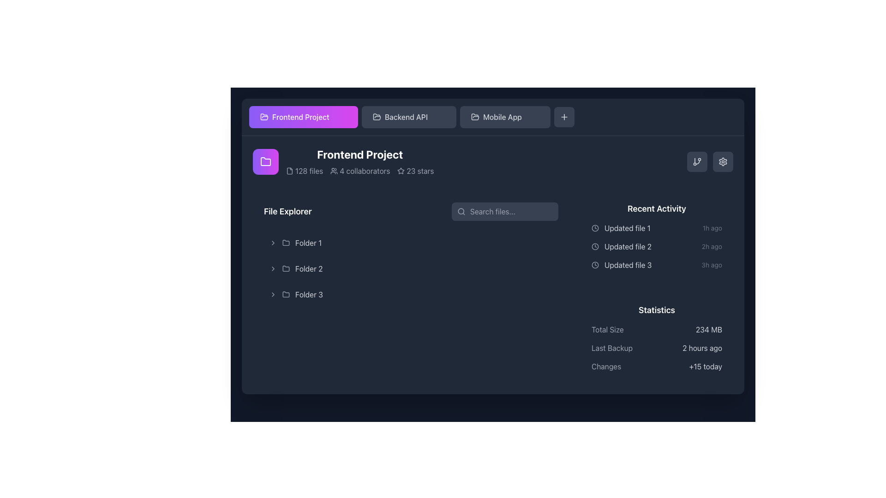  What do you see at coordinates (263, 117) in the screenshot?
I see `the open folder icon located at the leftmost region of the 'Frontend Project' button, which is gradient-colored from violet to fuchsia` at bounding box center [263, 117].